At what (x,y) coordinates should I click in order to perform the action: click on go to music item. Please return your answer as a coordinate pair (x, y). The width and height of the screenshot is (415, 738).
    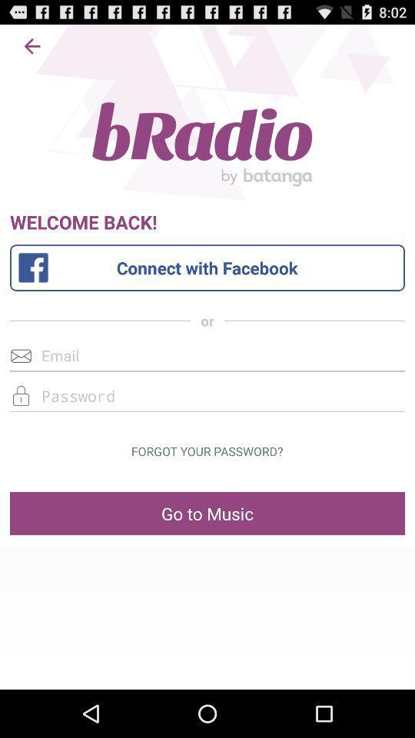
    Looking at the image, I should click on (207, 514).